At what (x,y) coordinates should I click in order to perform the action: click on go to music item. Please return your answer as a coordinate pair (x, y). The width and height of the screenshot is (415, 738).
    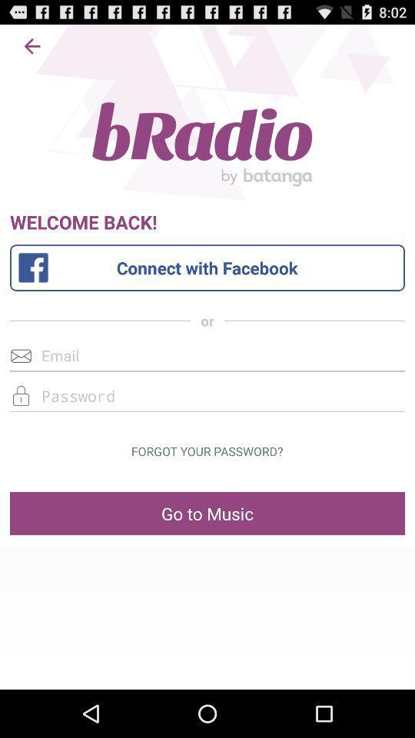
    Looking at the image, I should click on (207, 514).